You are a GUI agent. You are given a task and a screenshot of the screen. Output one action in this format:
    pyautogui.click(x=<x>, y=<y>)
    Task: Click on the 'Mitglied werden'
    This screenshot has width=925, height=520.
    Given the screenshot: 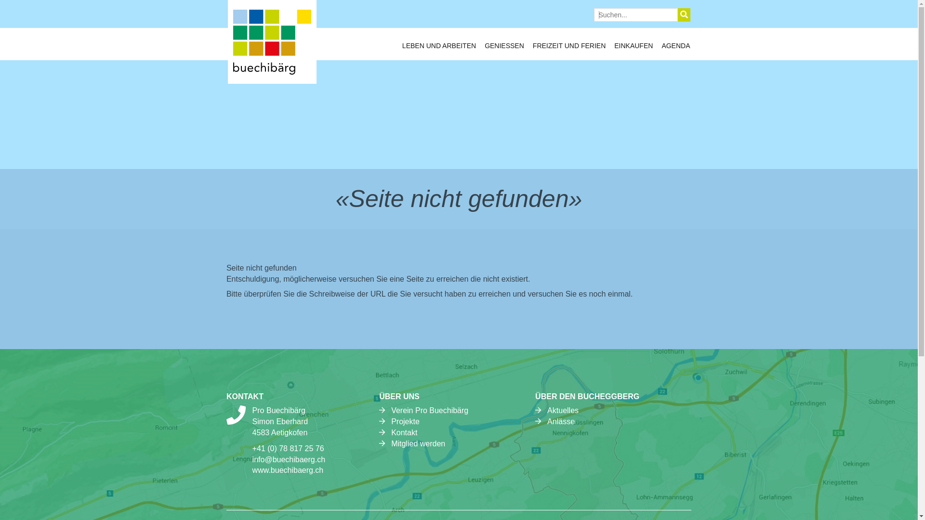 What is the action you would take?
    pyautogui.click(x=418, y=443)
    